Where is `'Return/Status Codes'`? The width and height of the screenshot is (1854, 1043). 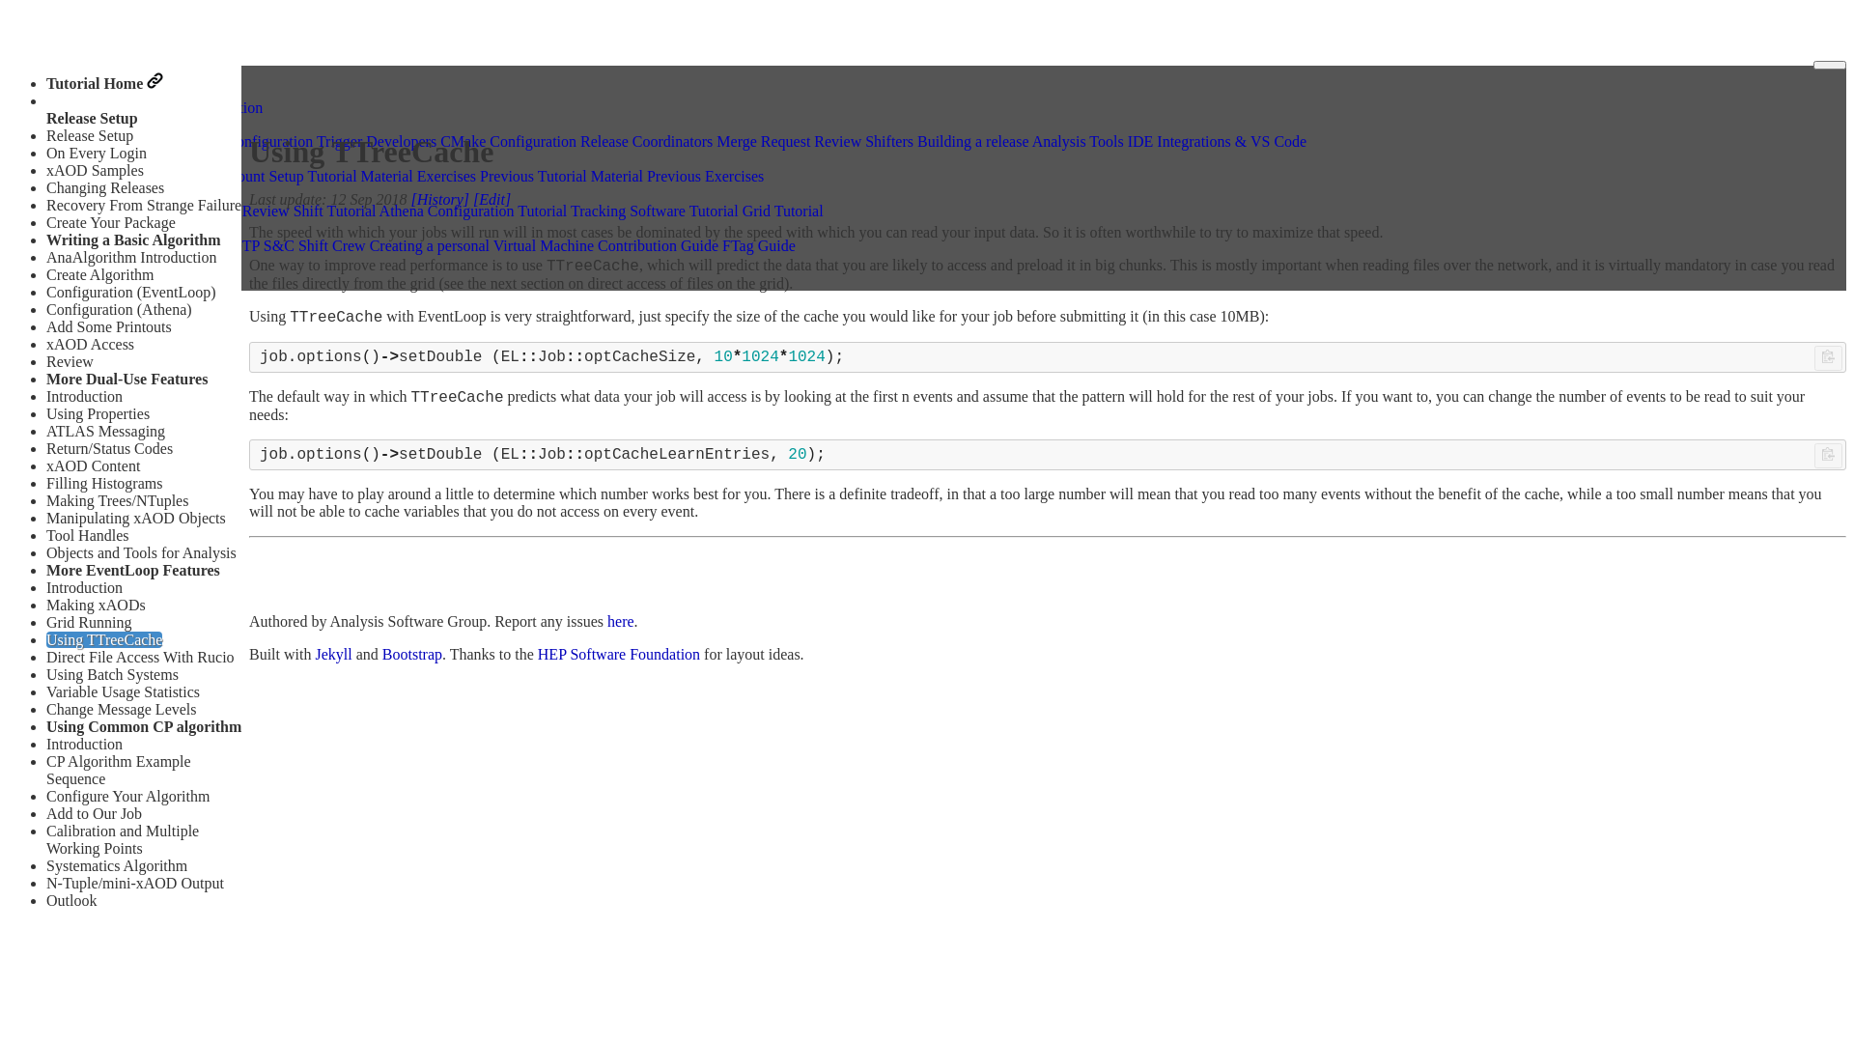
'Return/Status Codes' is located at coordinates (108, 448).